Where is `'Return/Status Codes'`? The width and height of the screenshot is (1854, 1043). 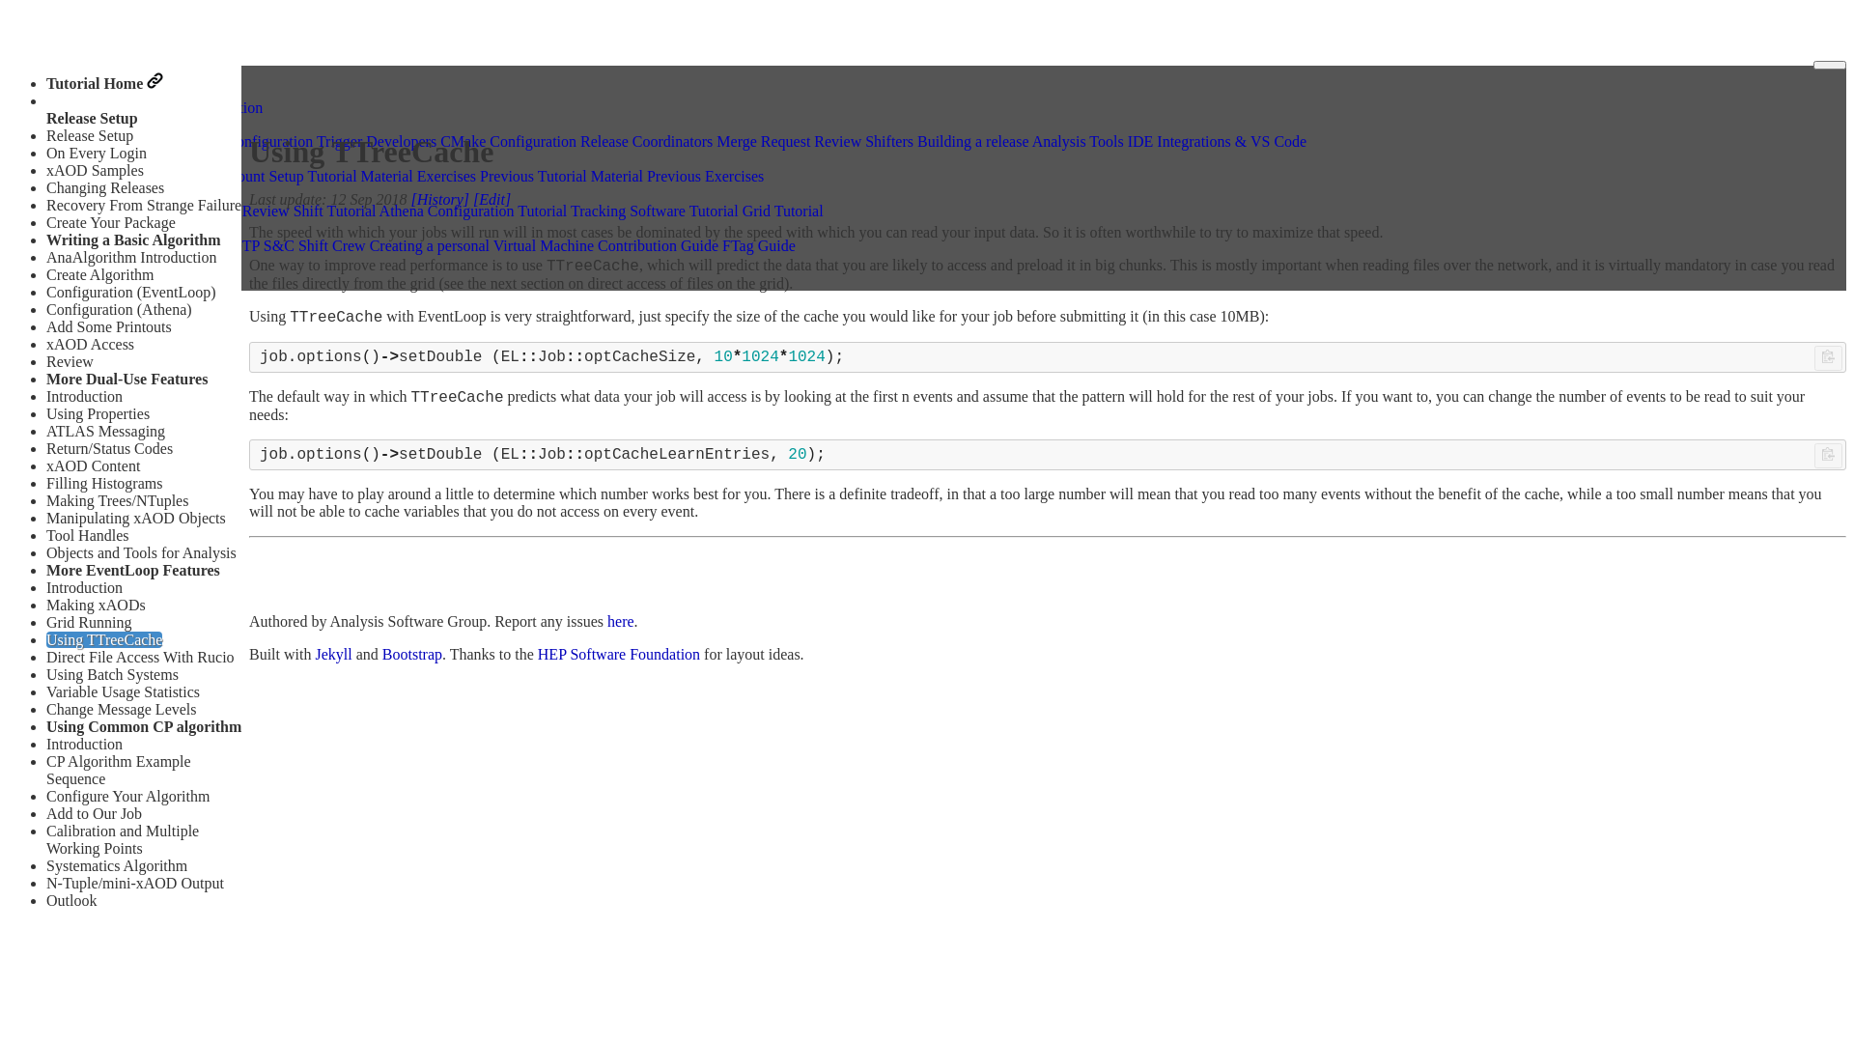
'Return/Status Codes' is located at coordinates (108, 448).